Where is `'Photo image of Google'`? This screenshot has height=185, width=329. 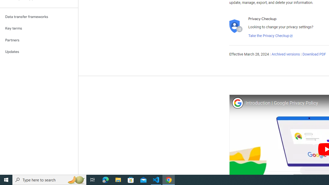
'Photo image of Google' is located at coordinates (237, 103).